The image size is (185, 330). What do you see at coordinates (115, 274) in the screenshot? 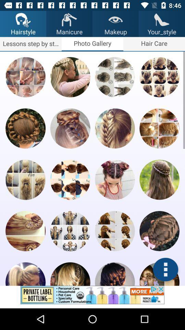
I see `hair cut numeber 19` at bounding box center [115, 274].